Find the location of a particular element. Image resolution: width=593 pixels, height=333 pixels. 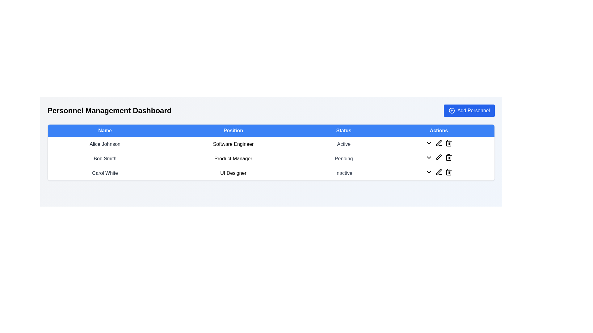

the text label reading 'Product Manager' located in the second row under the 'Position' column of a structured table layout is located at coordinates (233, 158).